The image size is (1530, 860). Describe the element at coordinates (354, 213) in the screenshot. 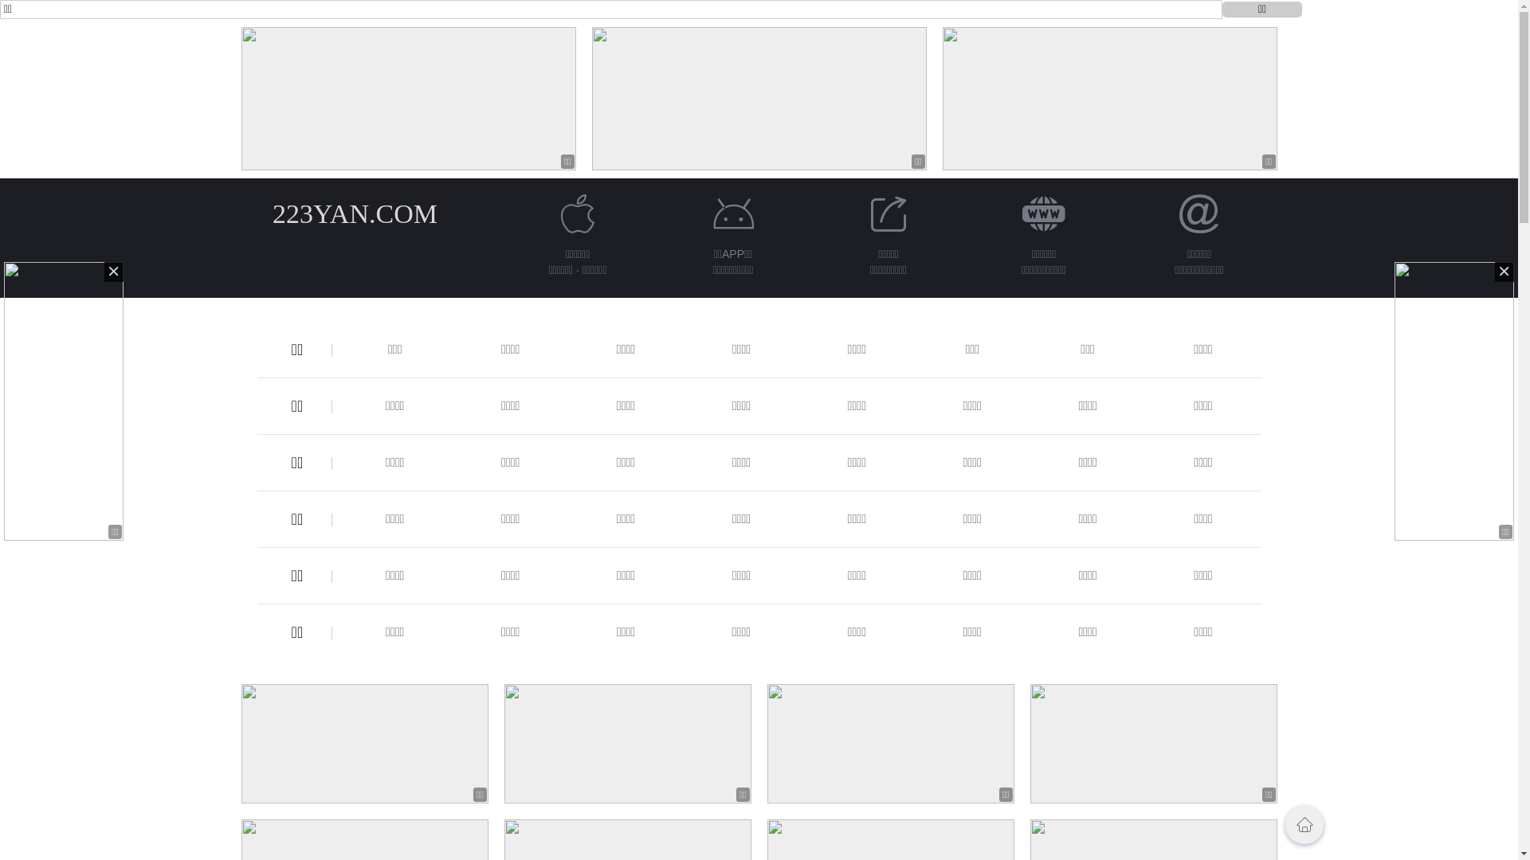

I see `'223YAN.COM'` at that location.